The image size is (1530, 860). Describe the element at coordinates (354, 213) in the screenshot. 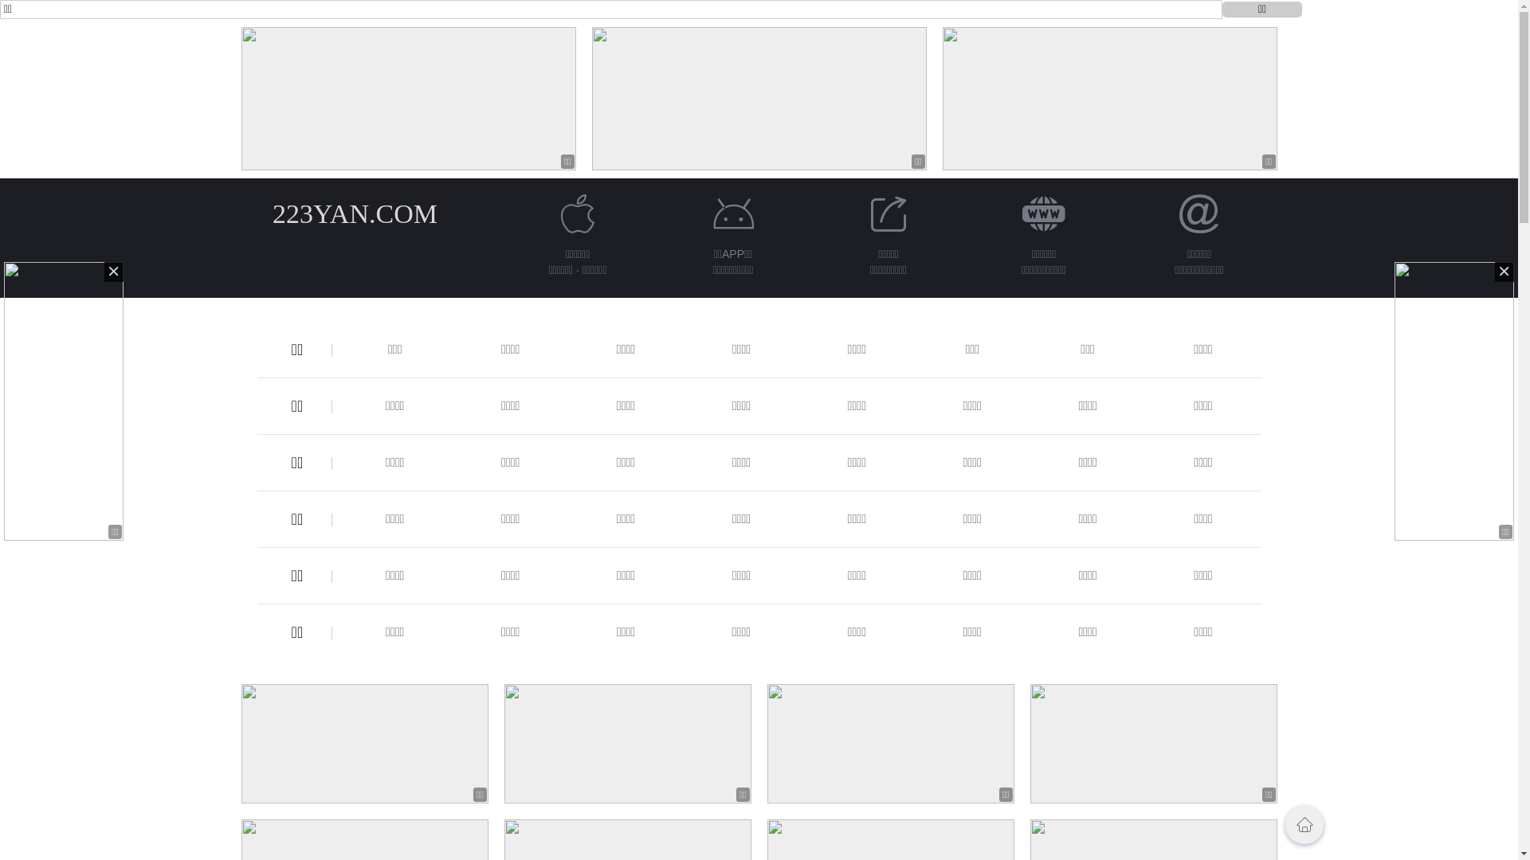

I see `'223YAN.COM'` at that location.